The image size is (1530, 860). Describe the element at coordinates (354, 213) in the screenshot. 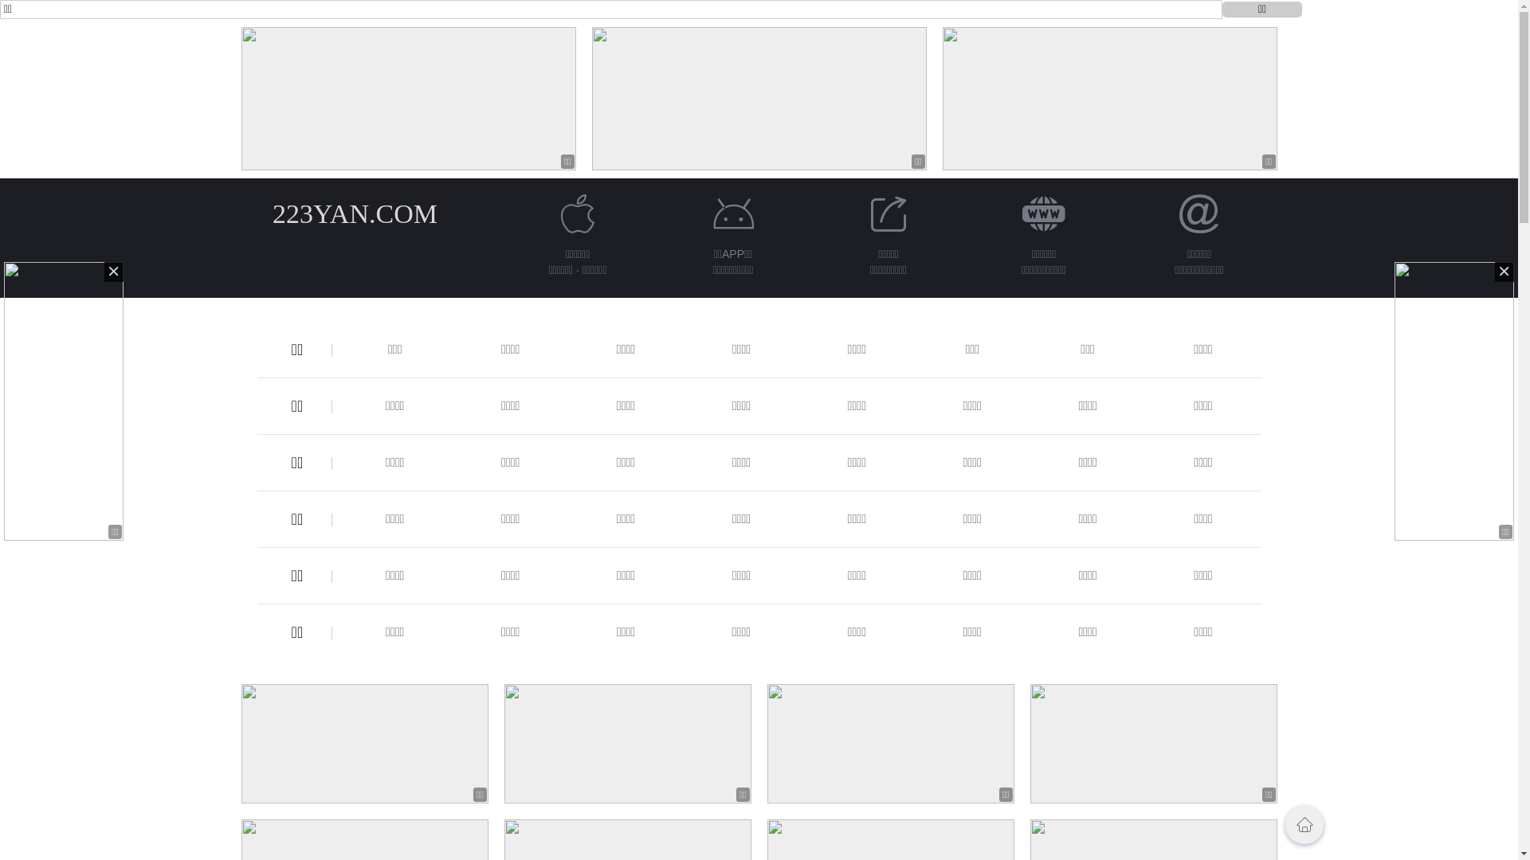

I see `'223YAN.COM'` at that location.